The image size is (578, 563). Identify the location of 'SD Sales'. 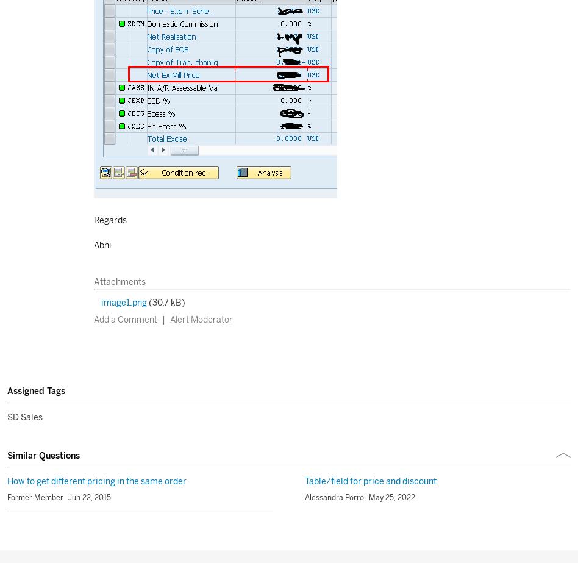
(24, 417).